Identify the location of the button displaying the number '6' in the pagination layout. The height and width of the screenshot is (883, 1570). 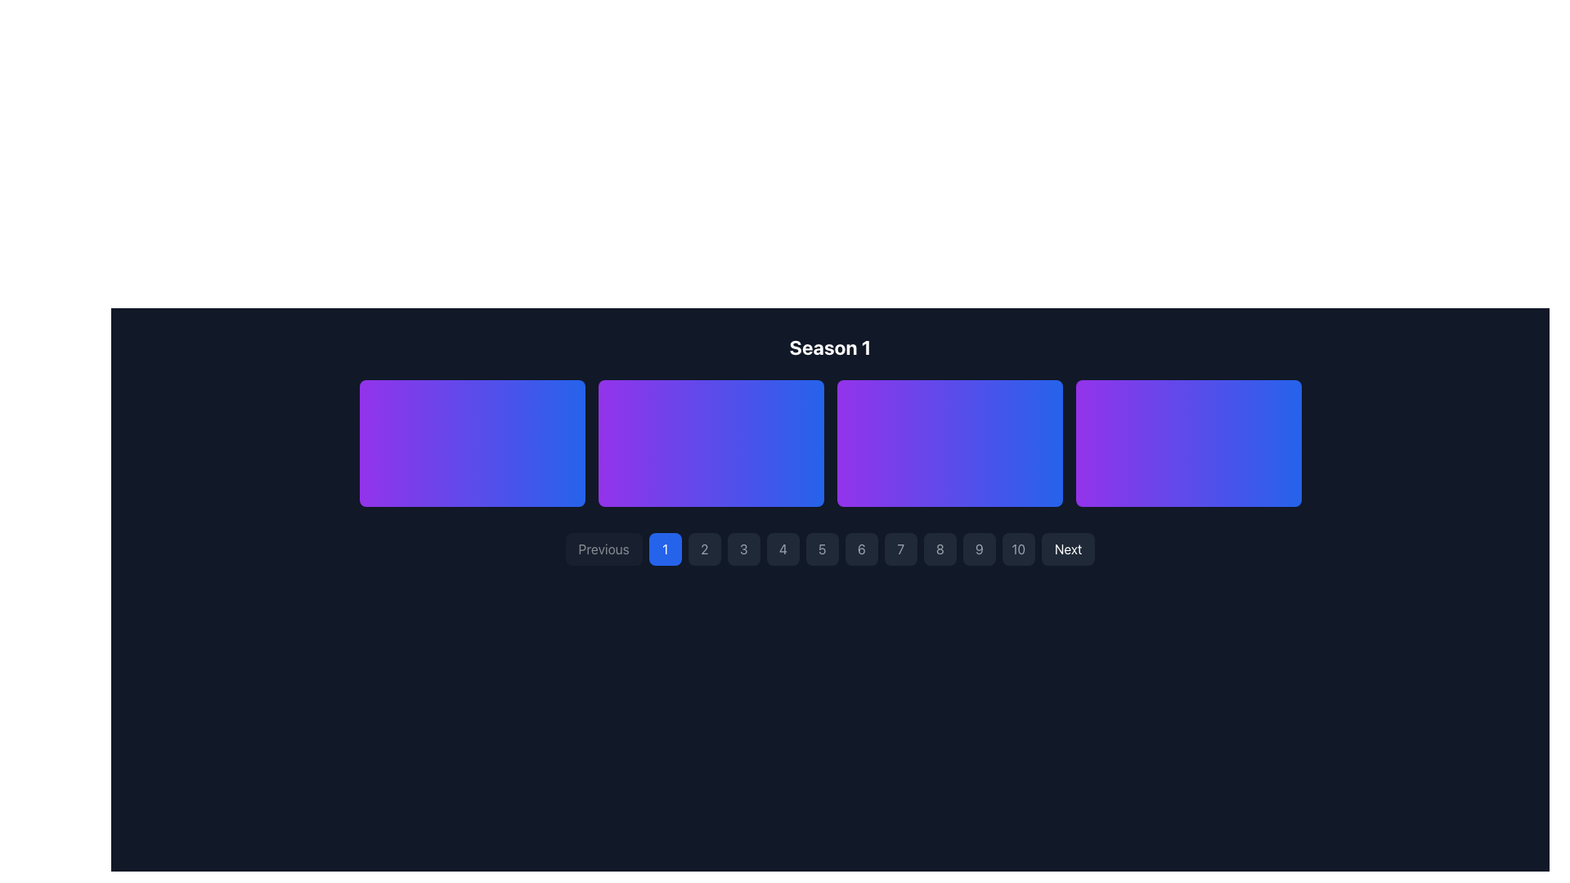
(860, 549).